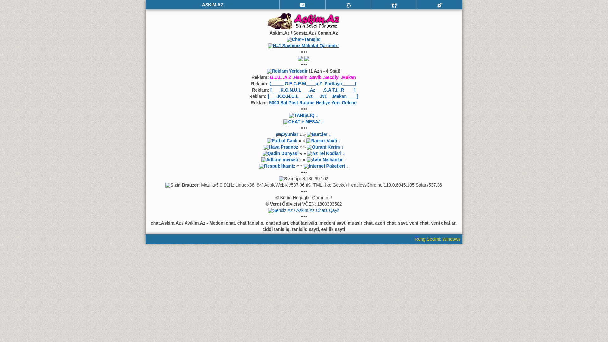 This screenshot has height=342, width=608. What do you see at coordinates (283, 147) in the screenshot?
I see `'Hava Praqnoz'` at bounding box center [283, 147].